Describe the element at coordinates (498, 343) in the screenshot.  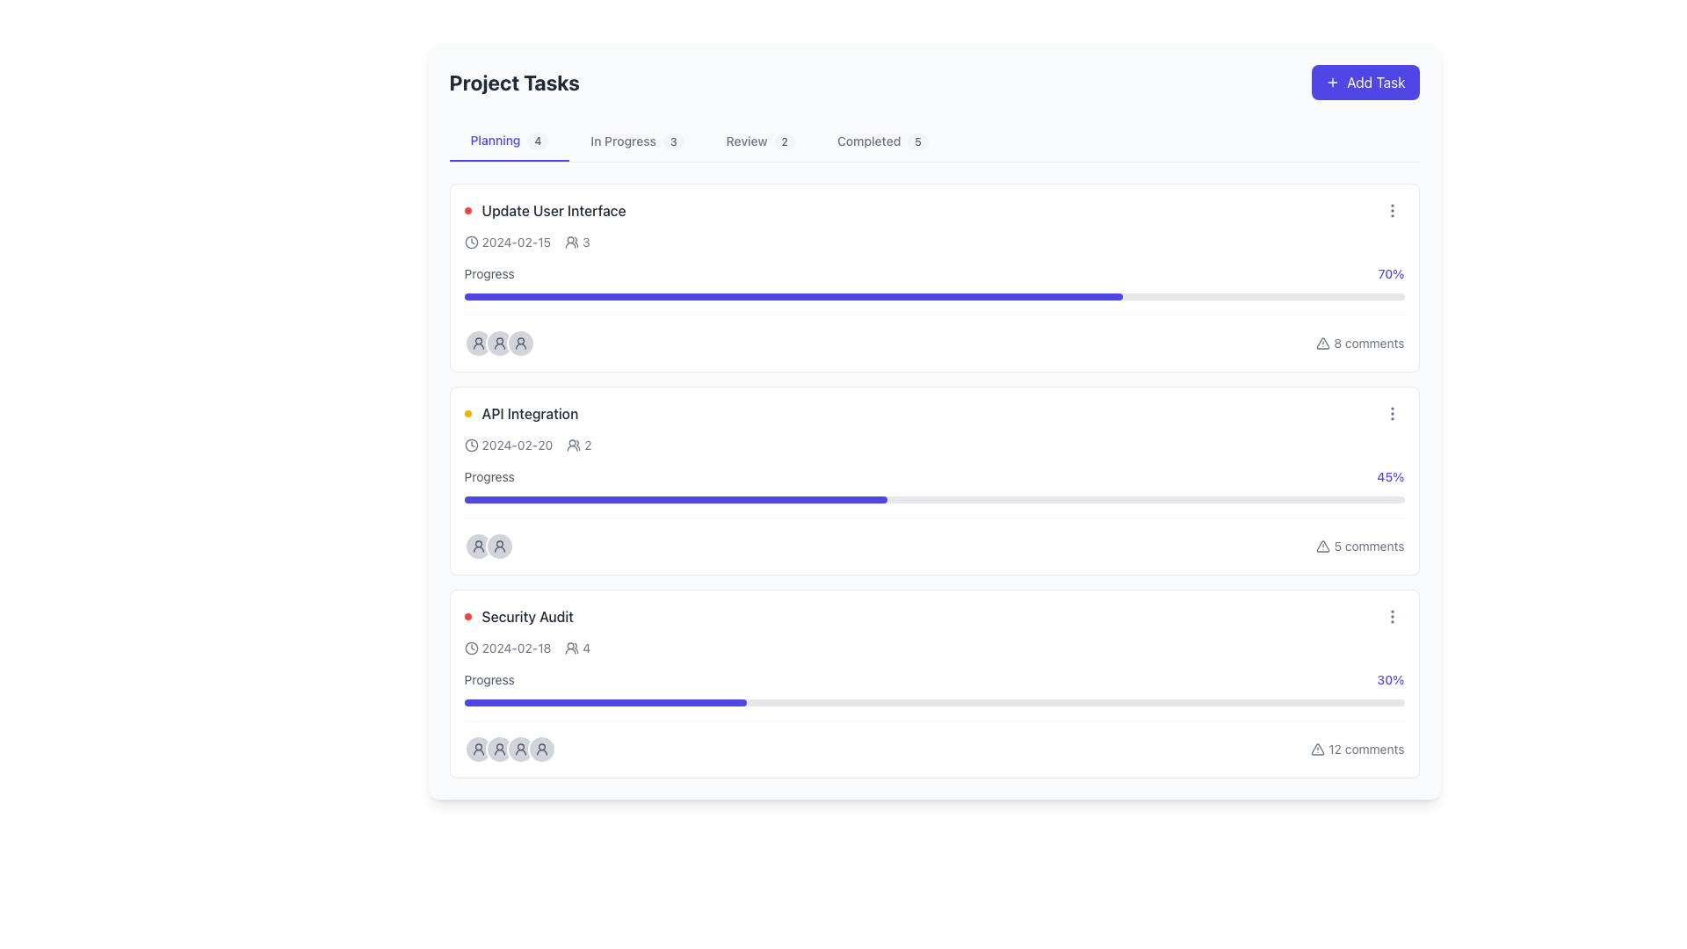
I see `the Profile Picture Icon located at the center of three profile pictures` at that location.